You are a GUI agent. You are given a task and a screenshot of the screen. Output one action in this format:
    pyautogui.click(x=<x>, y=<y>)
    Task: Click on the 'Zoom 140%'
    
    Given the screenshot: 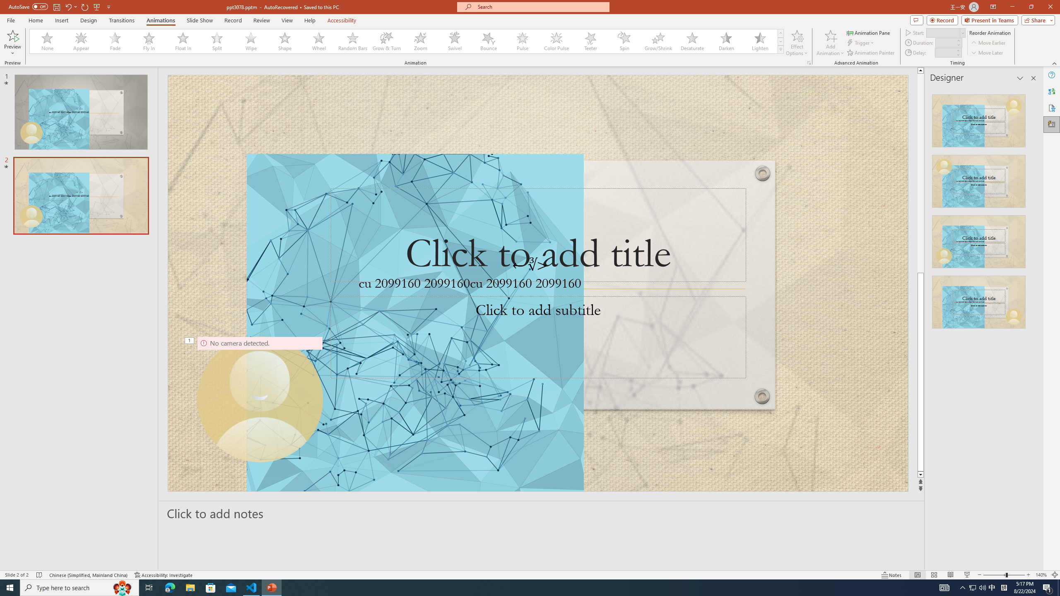 What is the action you would take?
    pyautogui.click(x=1041, y=575)
    